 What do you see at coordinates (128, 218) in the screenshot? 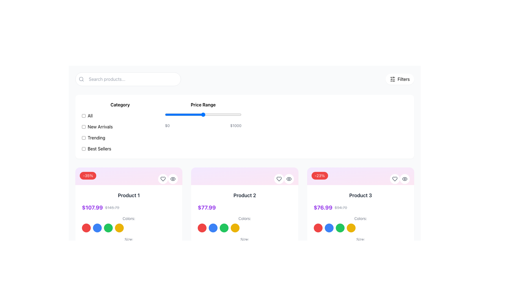
I see `the label indicating selectable color options for the product located below the product price in the first product card` at bounding box center [128, 218].